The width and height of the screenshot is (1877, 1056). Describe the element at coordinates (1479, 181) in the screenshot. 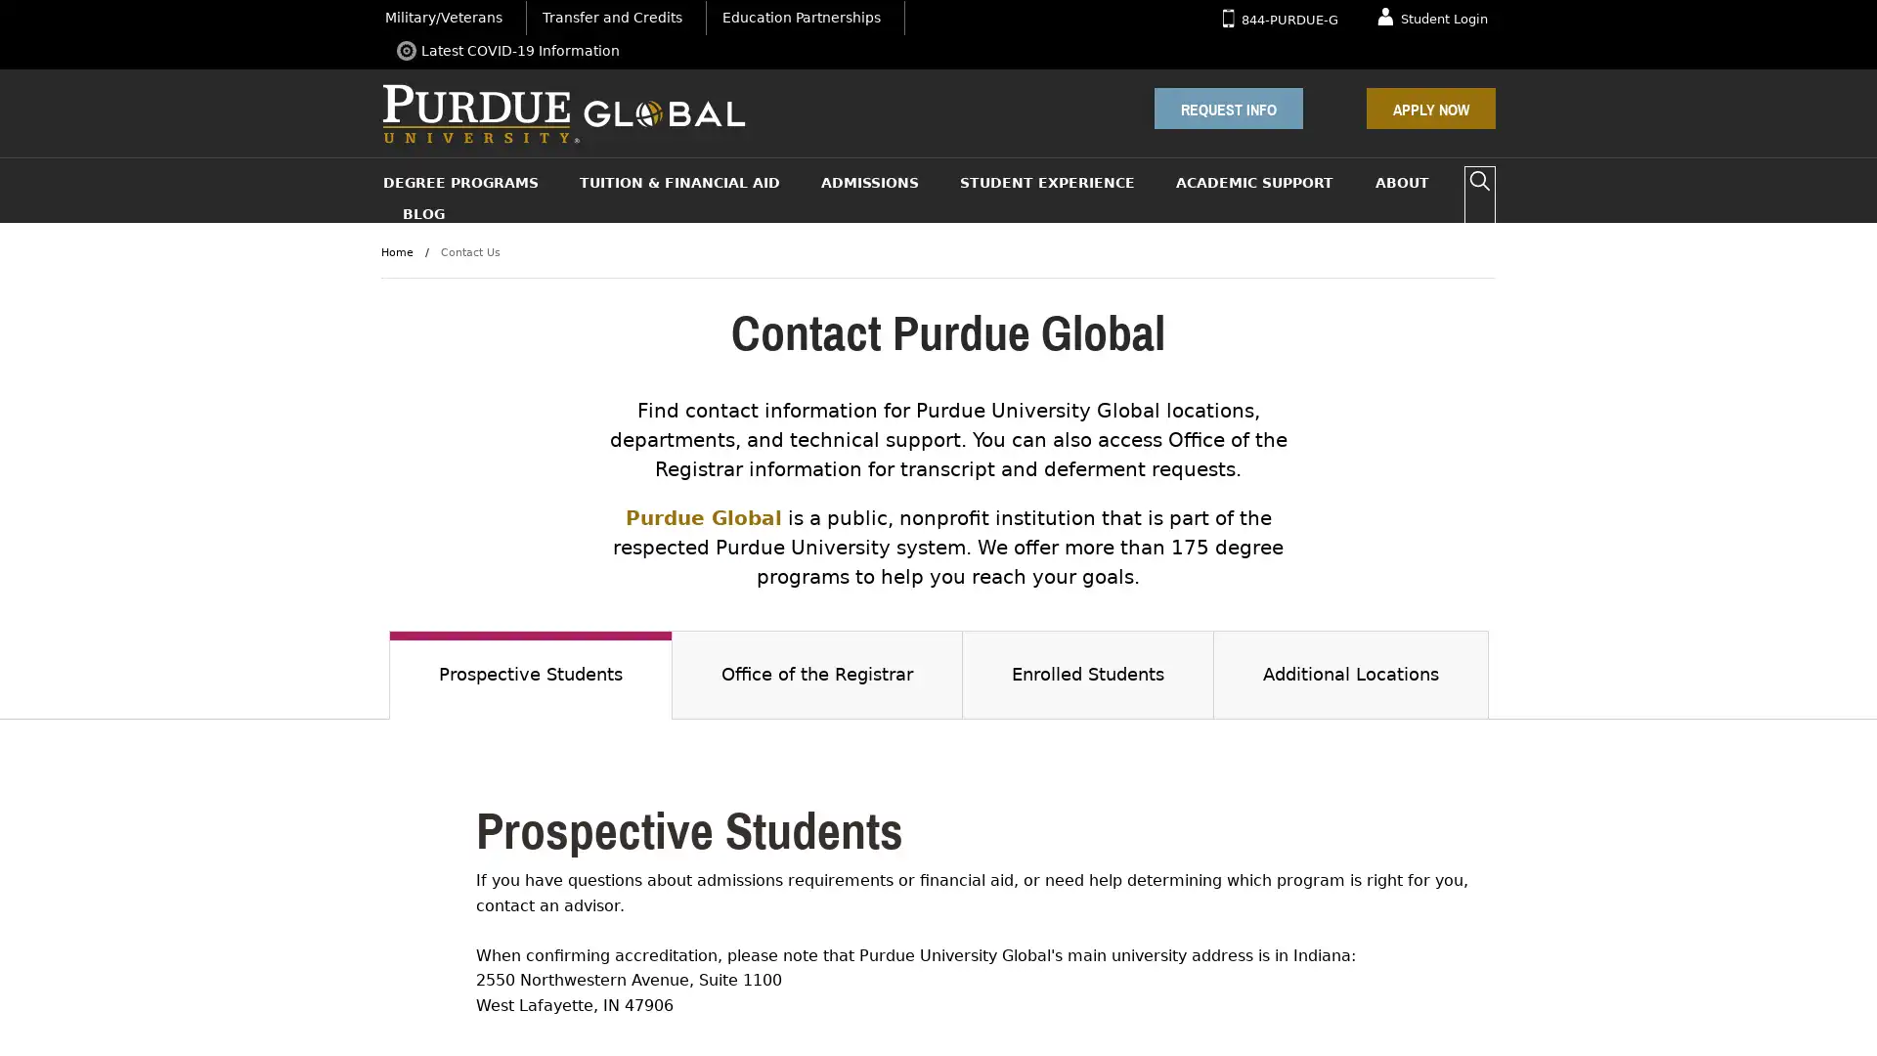

I see `Search` at that location.